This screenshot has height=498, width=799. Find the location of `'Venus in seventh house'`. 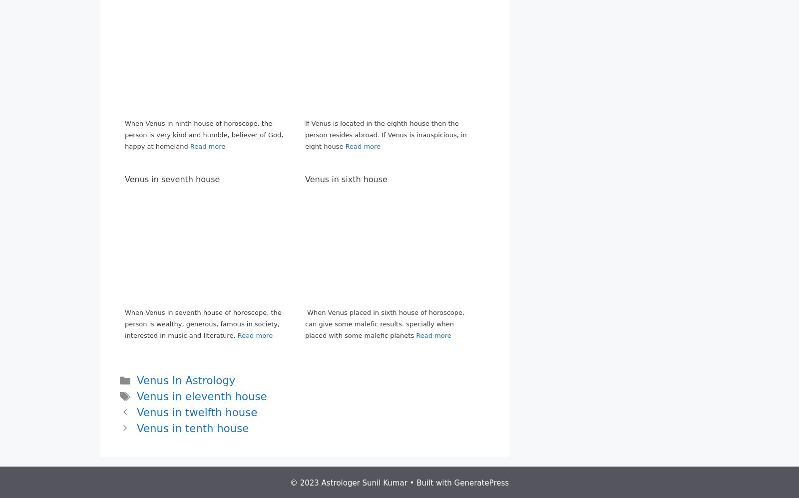

'Venus in seventh house' is located at coordinates (172, 178).